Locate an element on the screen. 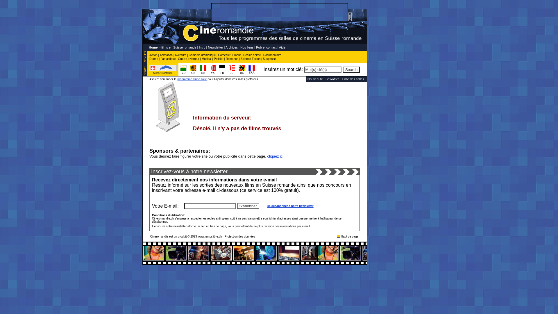 The height and width of the screenshot is (314, 558). 'Nos liens' is located at coordinates (247, 47).